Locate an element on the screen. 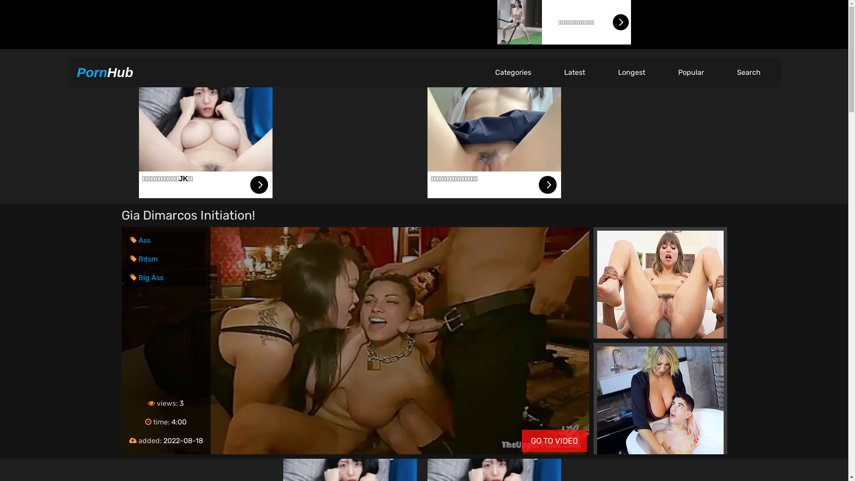 This screenshot has width=855, height=481. 'PornHub' is located at coordinates (105, 72).